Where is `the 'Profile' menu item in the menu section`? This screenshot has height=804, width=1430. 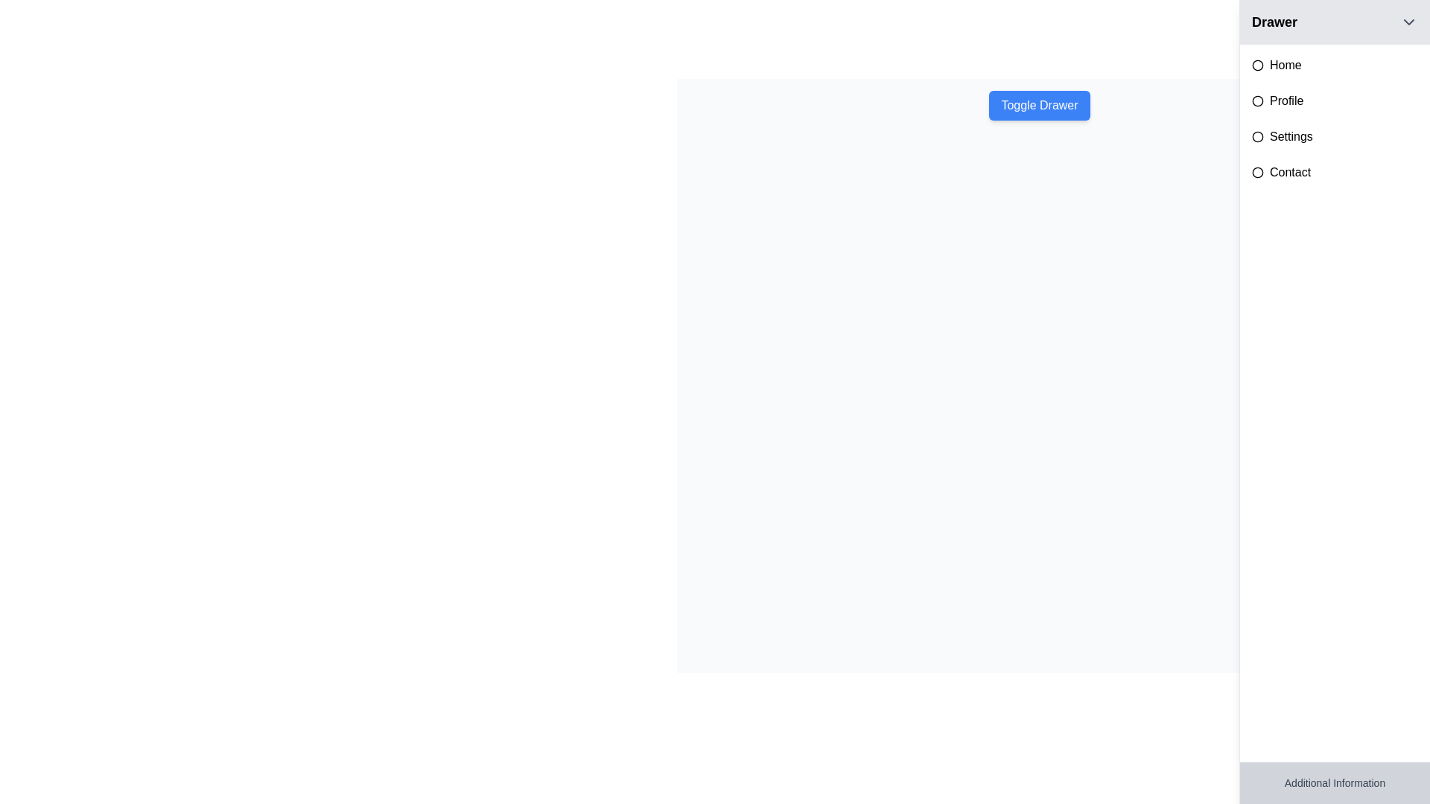
the 'Profile' menu item in the menu section is located at coordinates (1335, 100).